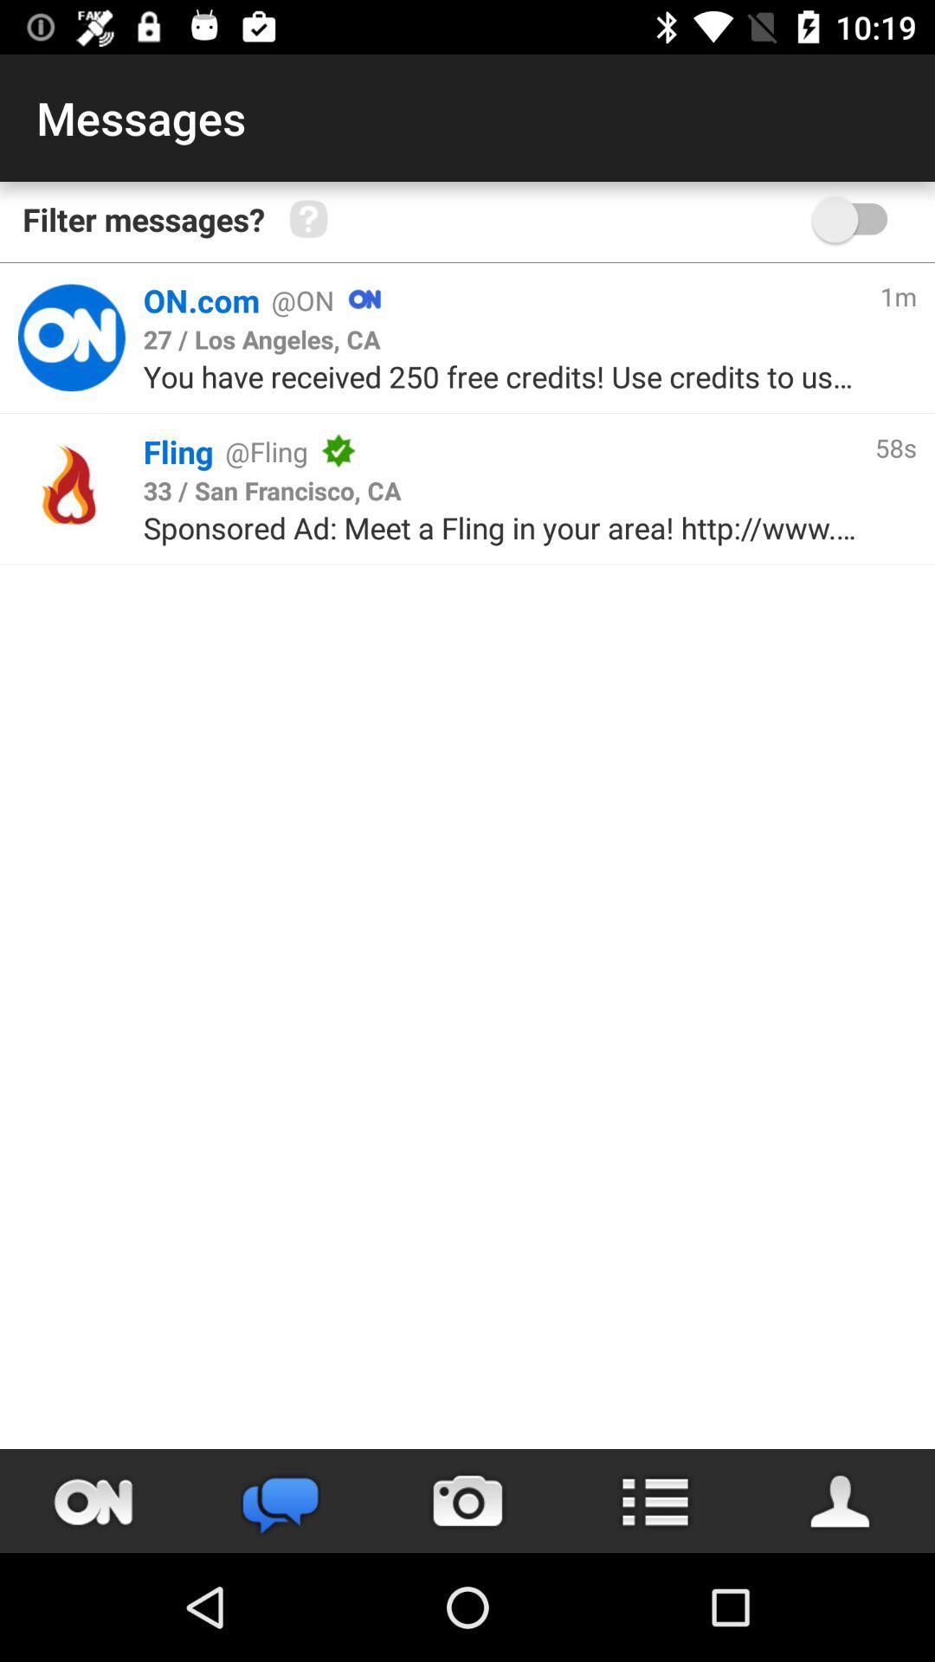 This screenshot has width=935, height=1662. Describe the element at coordinates (841, 1500) in the screenshot. I see `the avatar icon` at that location.